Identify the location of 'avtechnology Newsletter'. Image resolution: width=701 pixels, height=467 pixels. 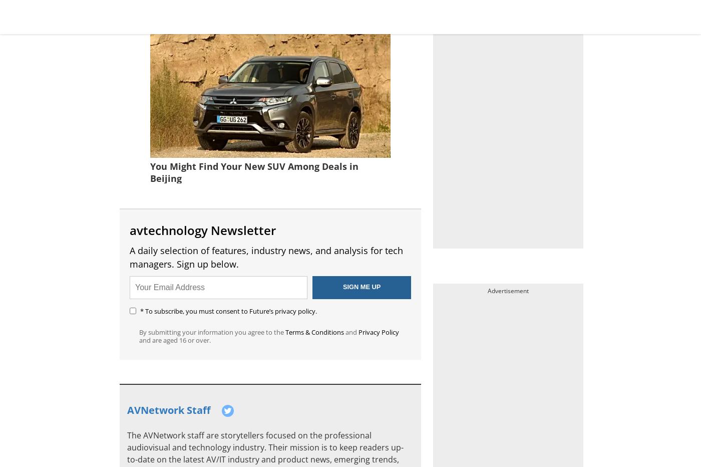
(203, 229).